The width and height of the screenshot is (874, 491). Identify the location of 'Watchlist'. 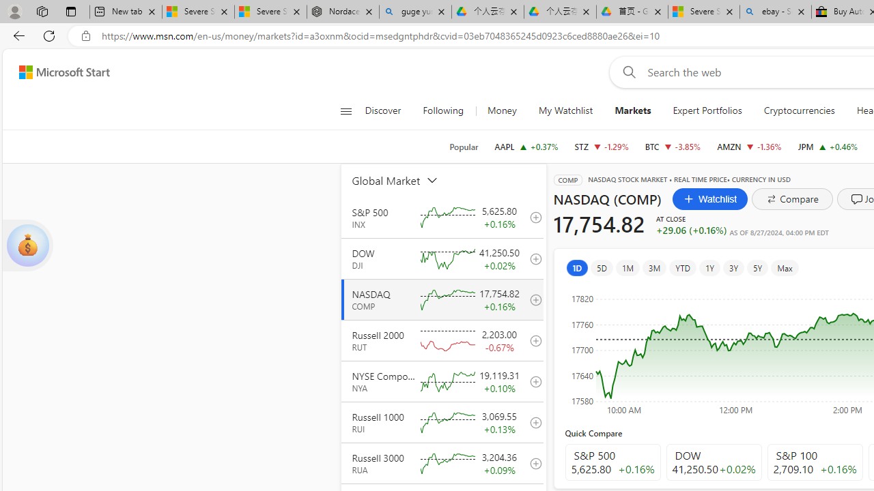
(710, 198).